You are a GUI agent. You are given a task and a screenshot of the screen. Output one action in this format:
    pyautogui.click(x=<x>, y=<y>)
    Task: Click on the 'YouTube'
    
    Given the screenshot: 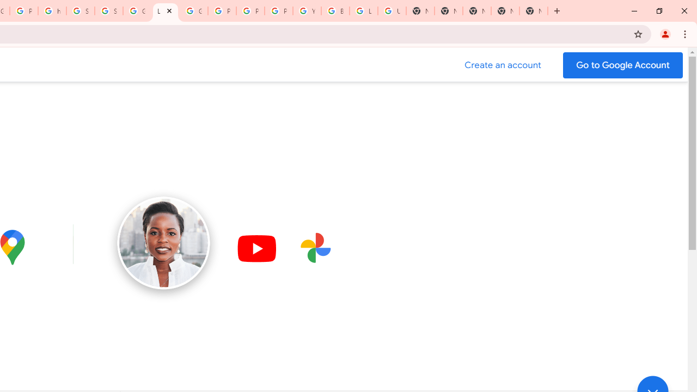 What is the action you would take?
    pyautogui.click(x=306, y=11)
    